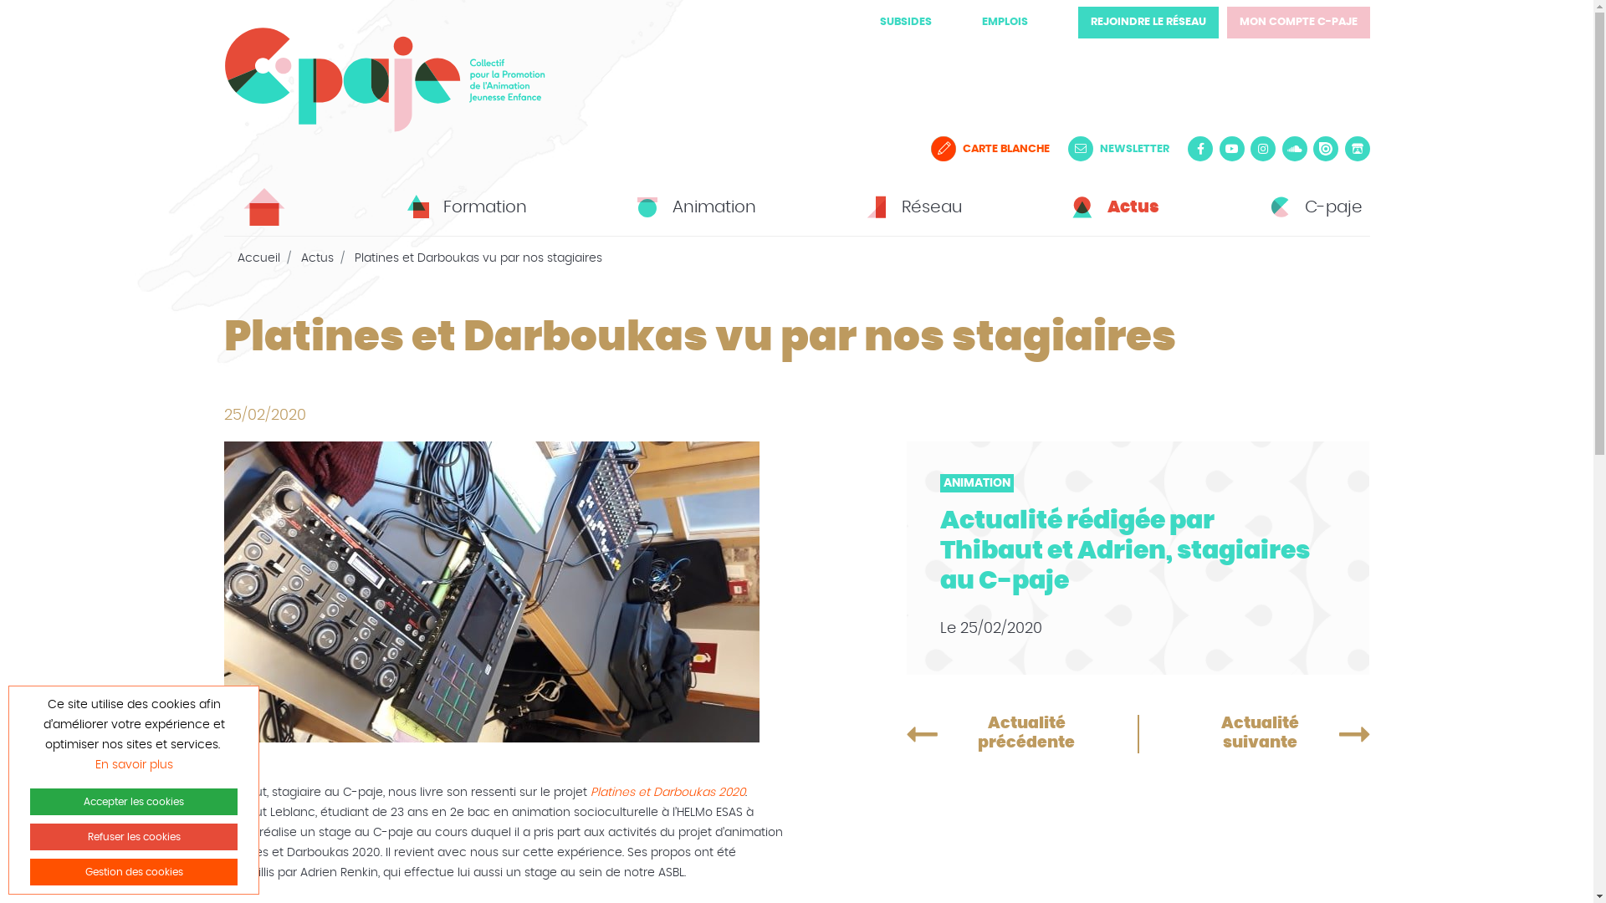  Describe the element at coordinates (1112, 206) in the screenshot. I see `'Actus'` at that location.